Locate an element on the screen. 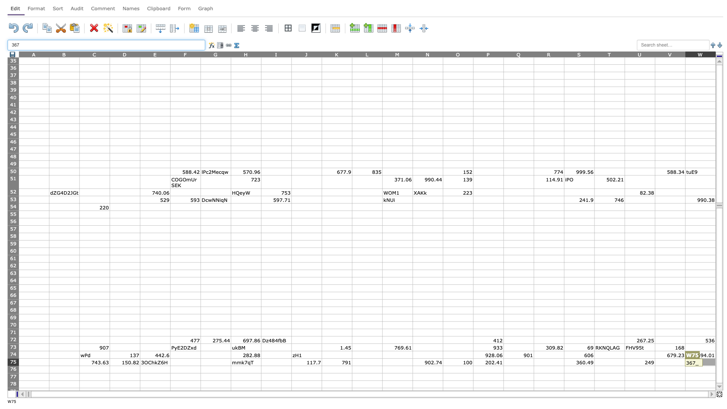 Image resolution: width=727 pixels, height=409 pixels. Northwest corner of cell D76 is located at coordinates (109, 365).